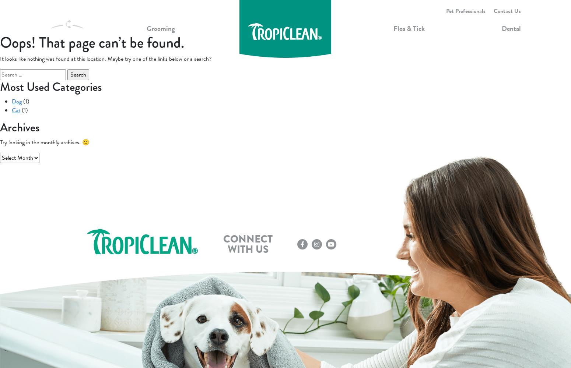 This screenshot has width=571, height=368. I want to click on 'Cat', so click(15, 110).